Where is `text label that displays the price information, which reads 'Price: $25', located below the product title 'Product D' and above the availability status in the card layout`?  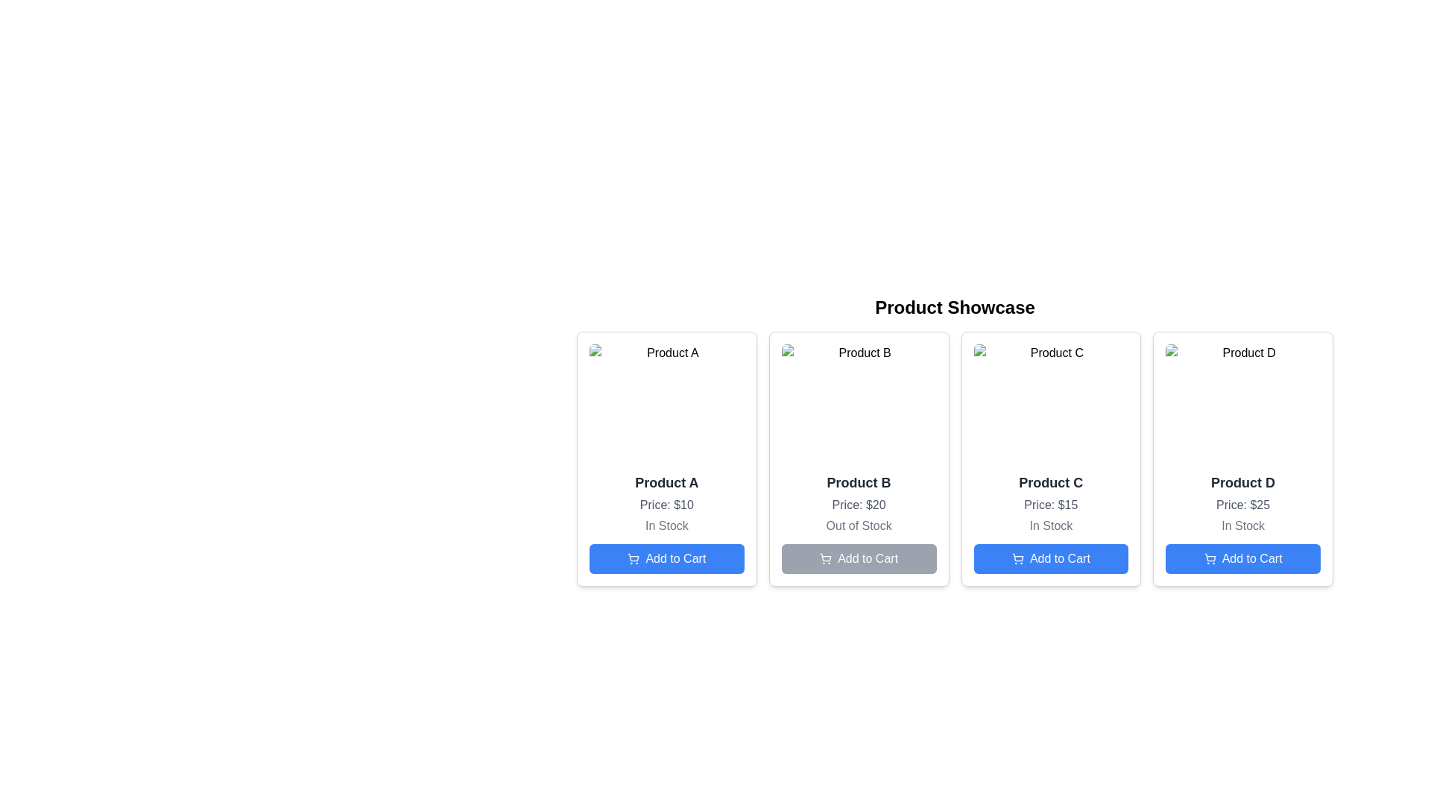 text label that displays the price information, which reads 'Price: $25', located below the product title 'Product D' and above the availability status in the card layout is located at coordinates (1243, 505).